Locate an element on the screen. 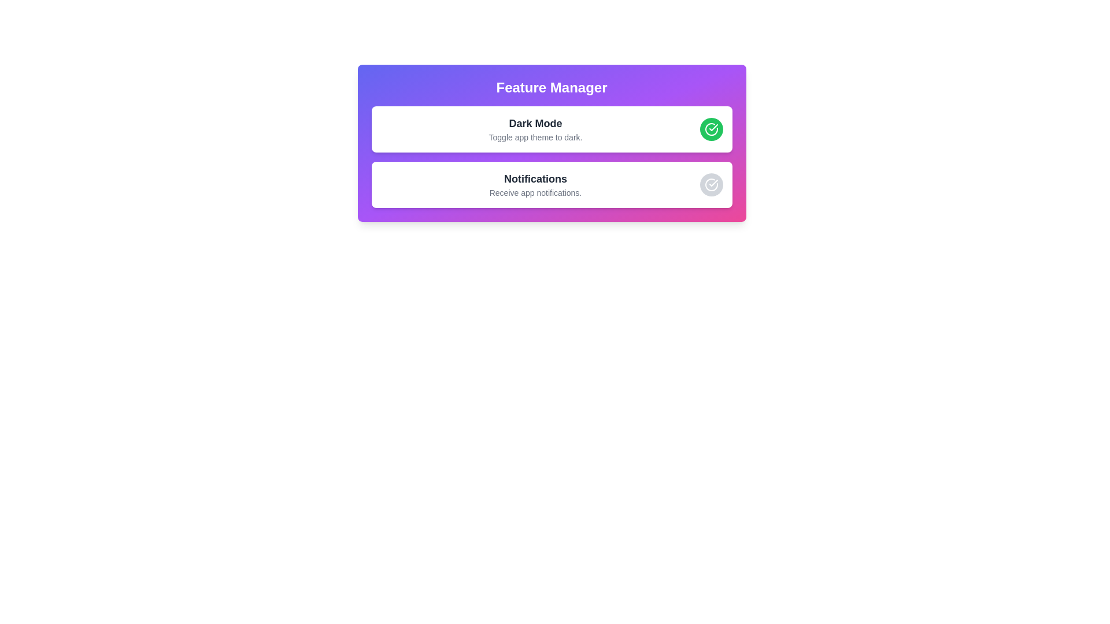 This screenshot has height=624, width=1110. the State Indicator Icon is located at coordinates (712, 127).